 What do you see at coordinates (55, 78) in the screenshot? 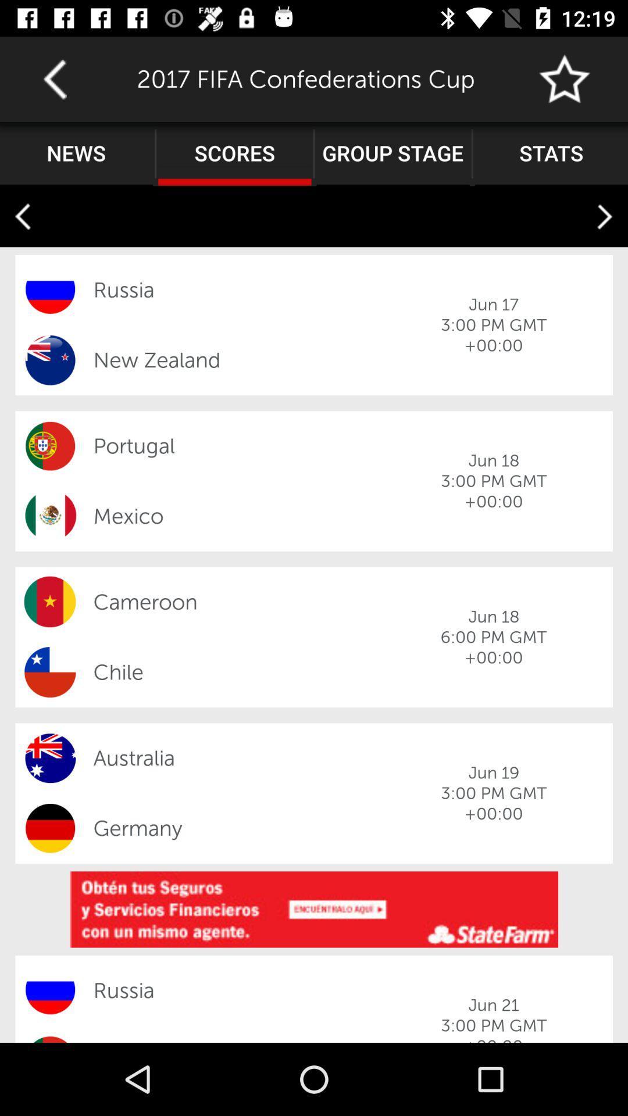
I see `the back icon above  the news` at bounding box center [55, 78].